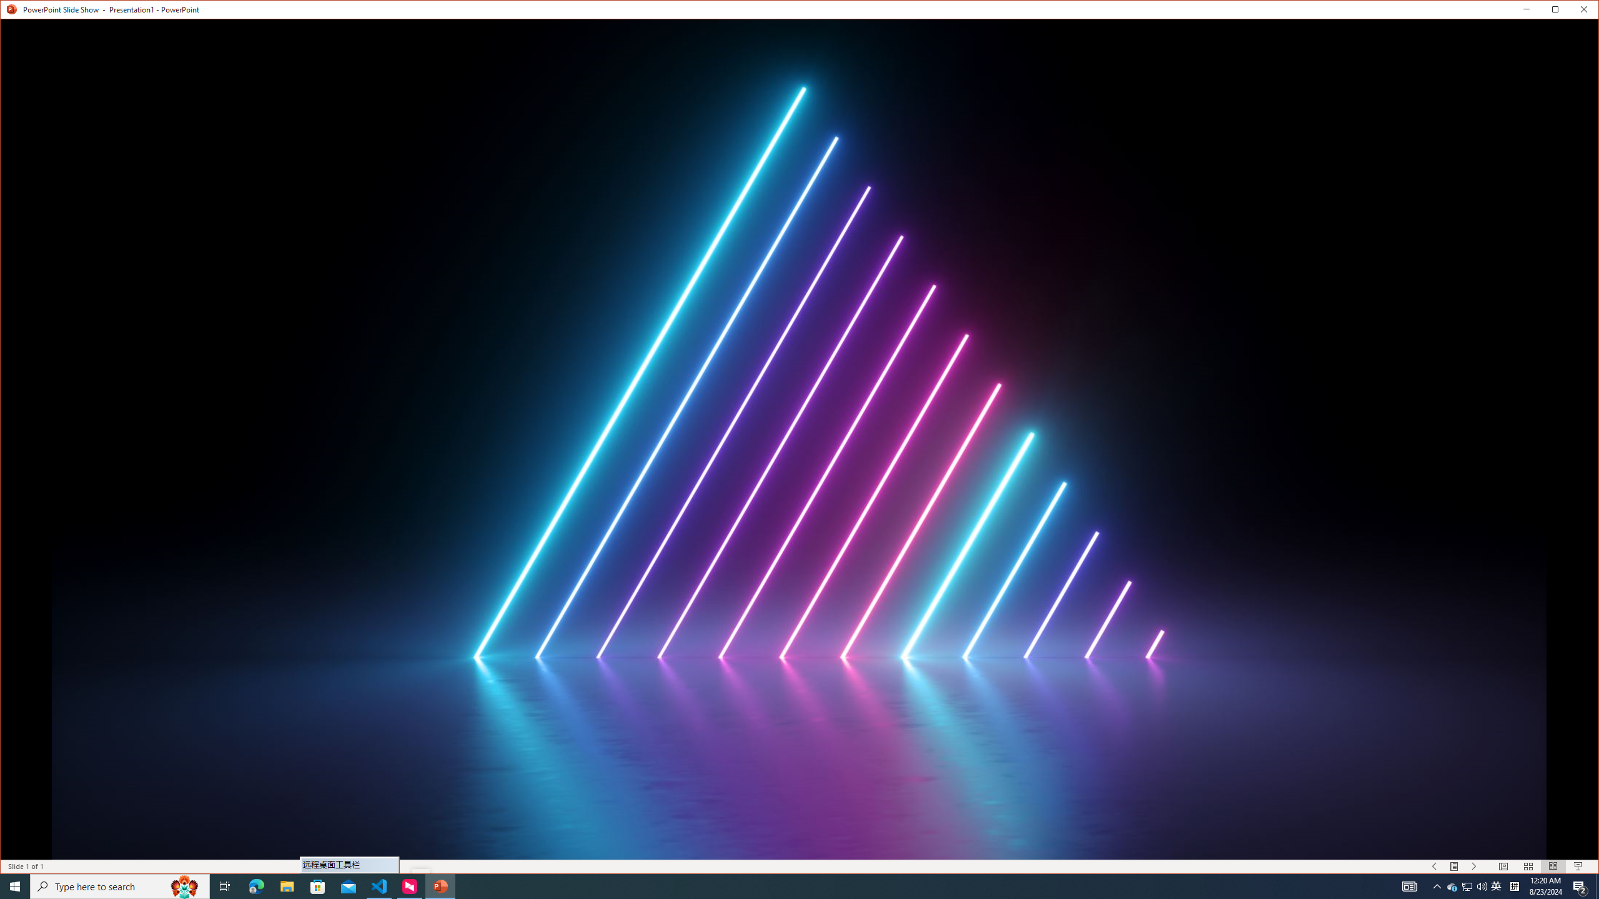  What do you see at coordinates (119, 885) in the screenshot?
I see `'Type here to search'` at bounding box center [119, 885].